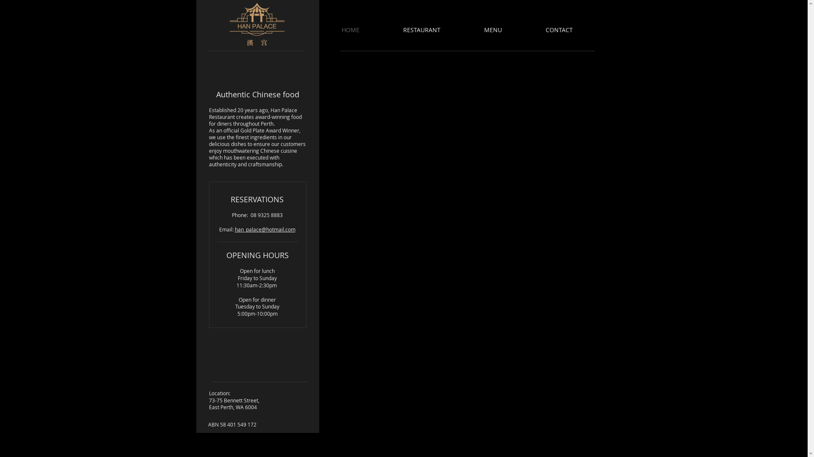 This screenshot has width=814, height=457. What do you see at coordinates (435, 29) in the screenshot?
I see `'RESTAURANT'` at bounding box center [435, 29].